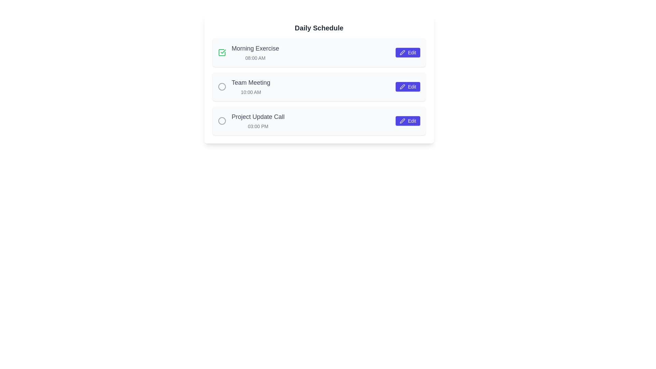  I want to click on the pencil icon located on the 'Edit' button to the far-right of the 'Morning Exercise' task entry, so click(402, 52).